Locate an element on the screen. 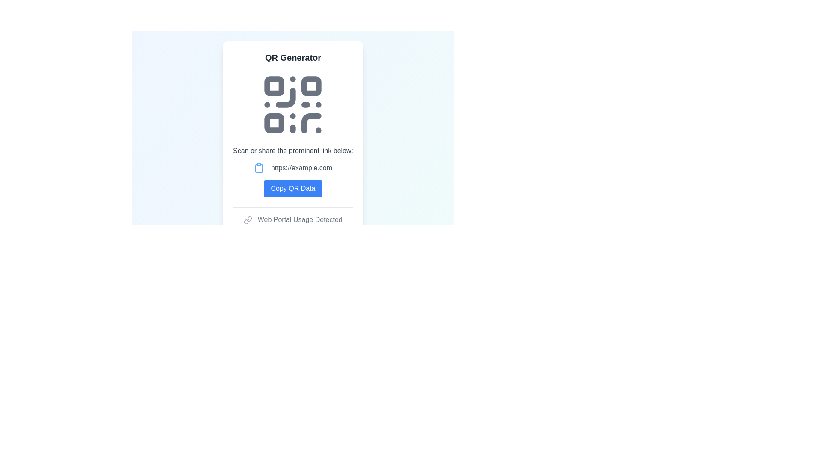 The width and height of the screenshot is (821, 462). text content displayed in the URL Text Display, which is located to the right of a clipboard icon within a horizontal row layout is located at coordinates (301, 168).